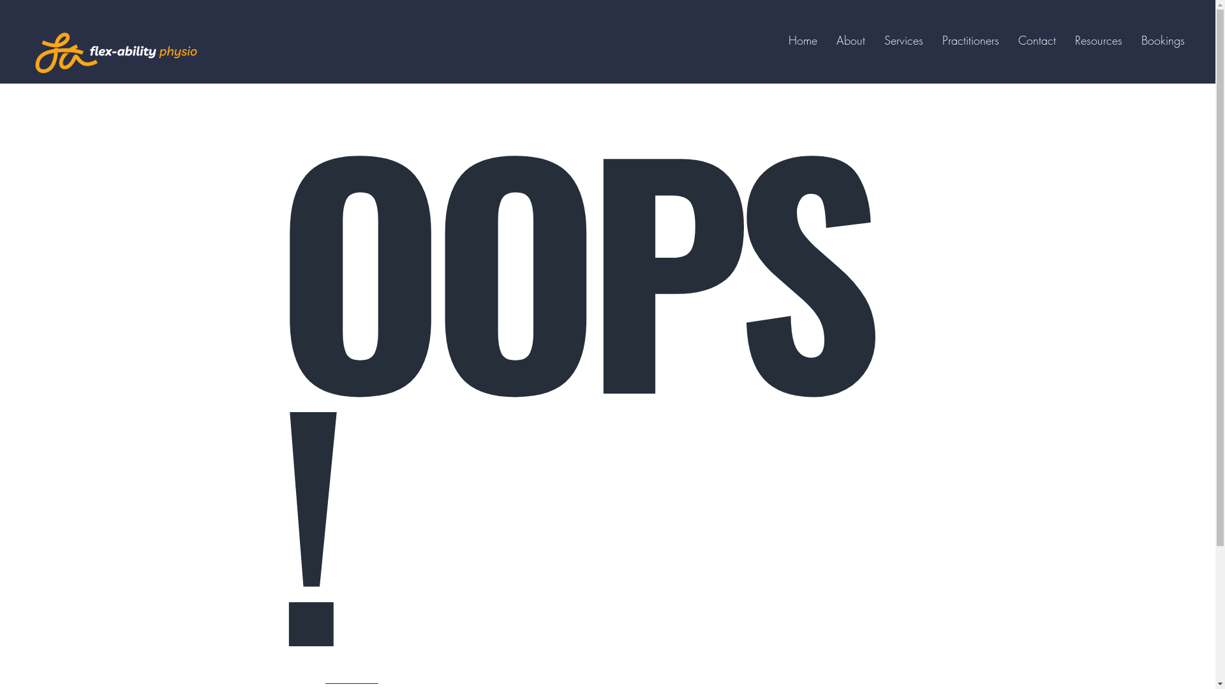  I want to click on 'Home', so click(802, 39).